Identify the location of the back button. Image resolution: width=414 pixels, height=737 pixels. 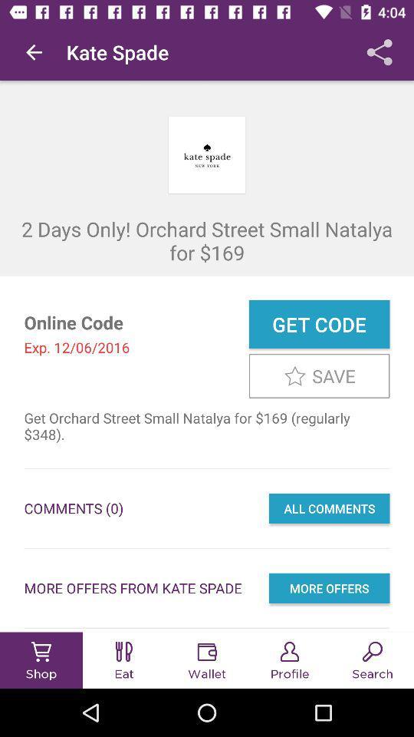
(34, 52).